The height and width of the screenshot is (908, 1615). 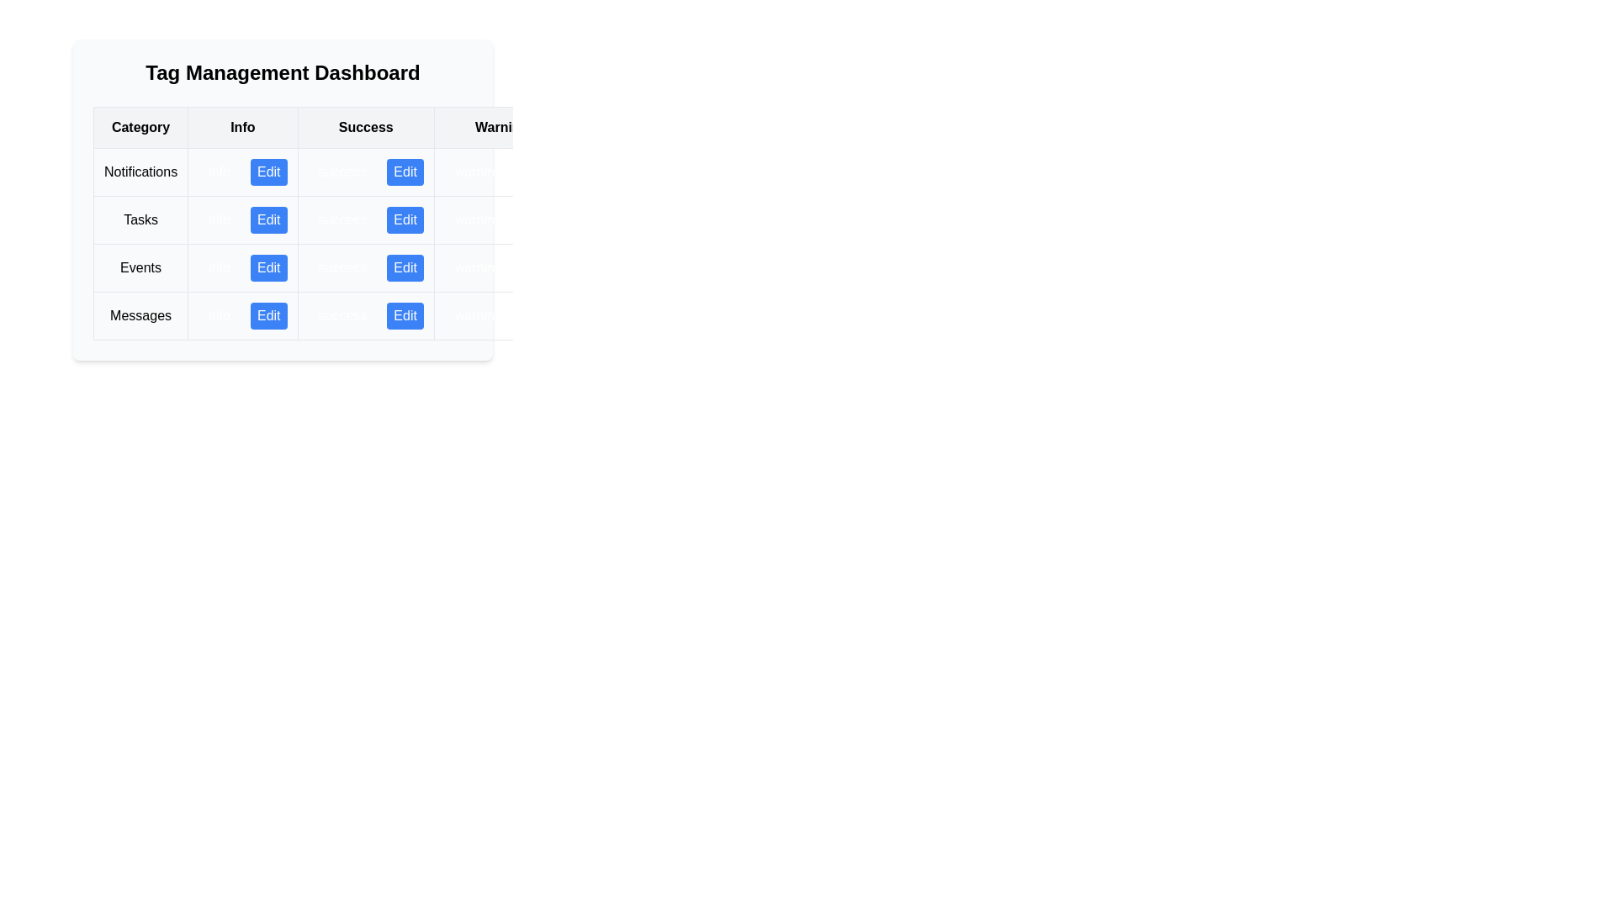 I want to click on the 'success' tag within the compound UI element that contains the 'Edit' button and displays a tooltip, so click(x=365, y=219).